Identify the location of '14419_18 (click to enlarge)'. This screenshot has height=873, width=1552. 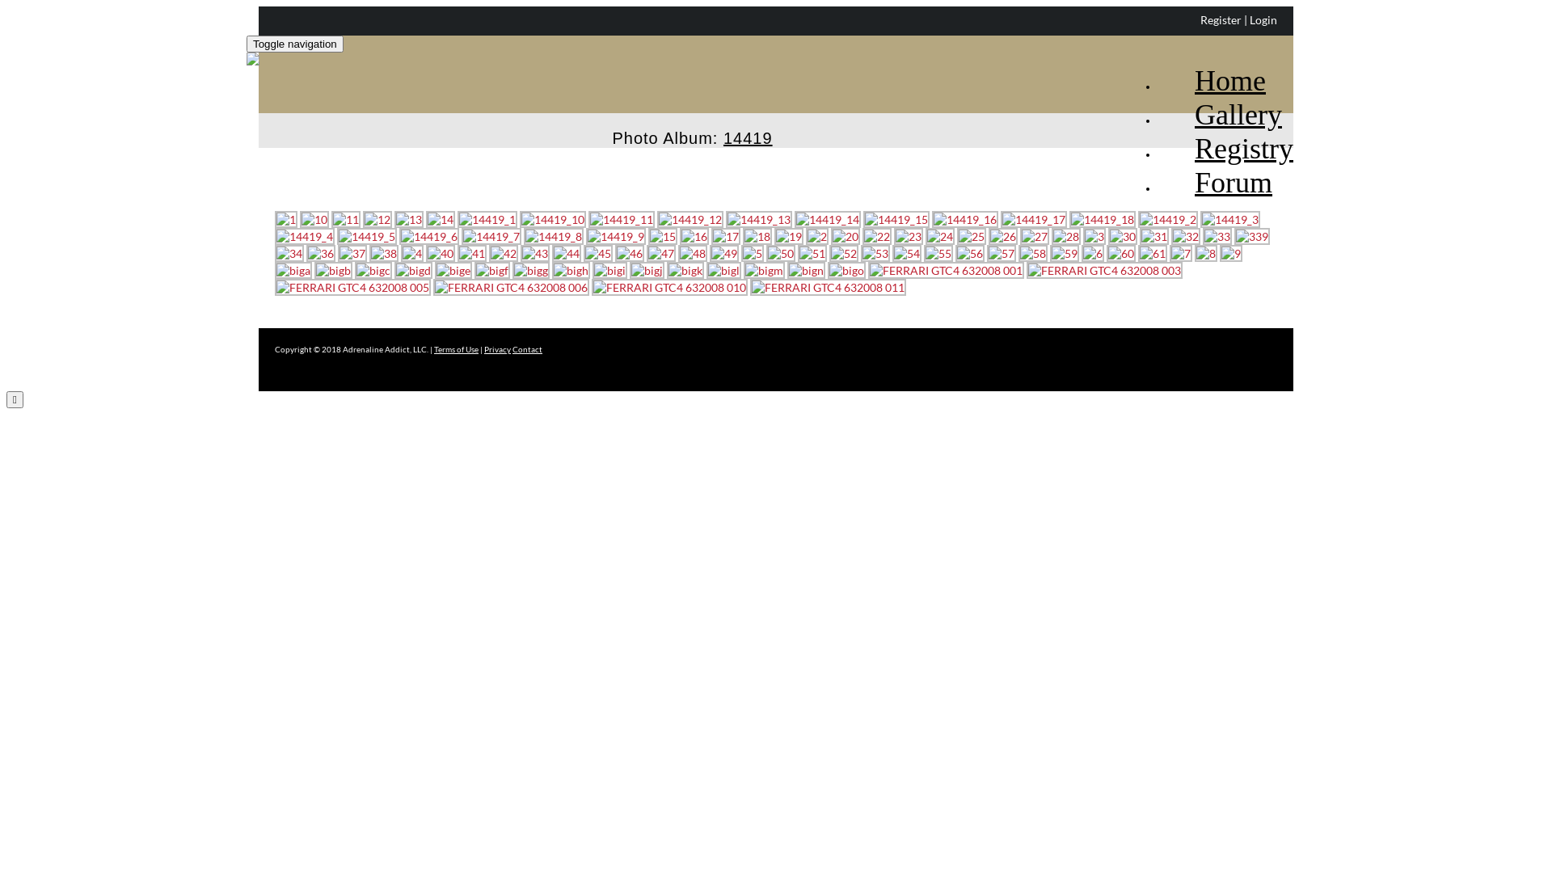
(1101, 219).